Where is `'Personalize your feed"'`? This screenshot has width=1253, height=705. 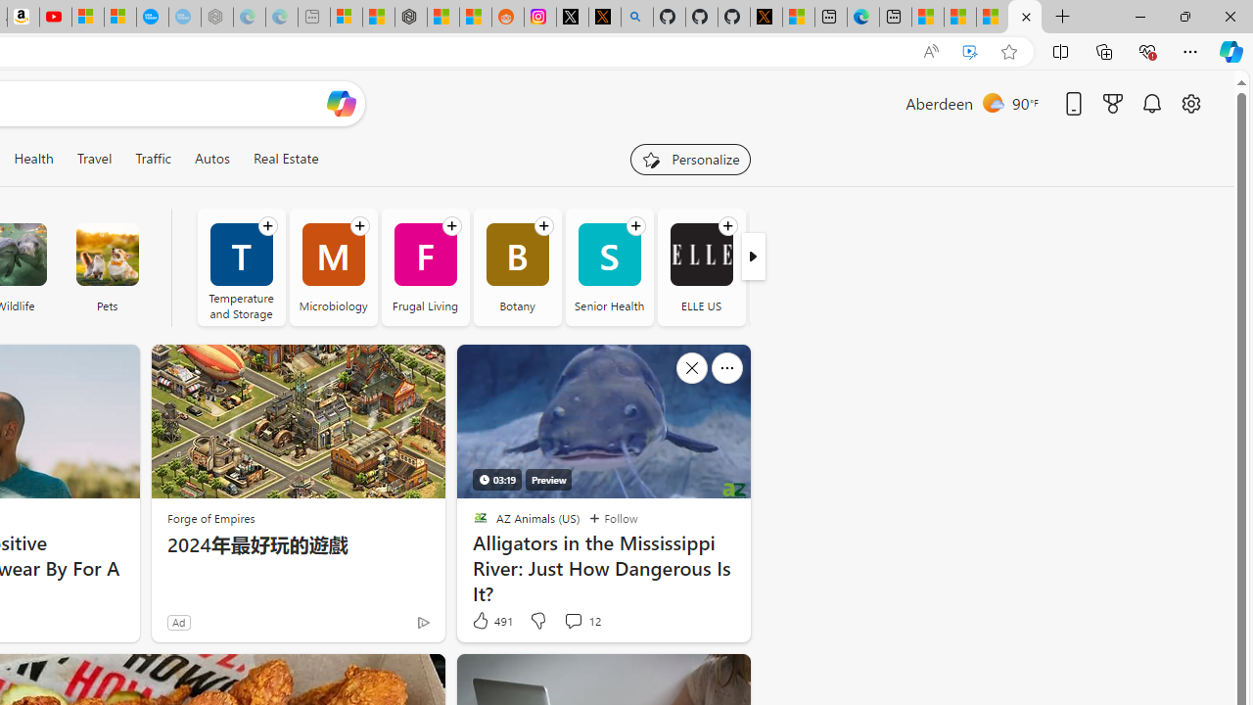
'Personalize your feed"' is located at coordinates (690, 159).